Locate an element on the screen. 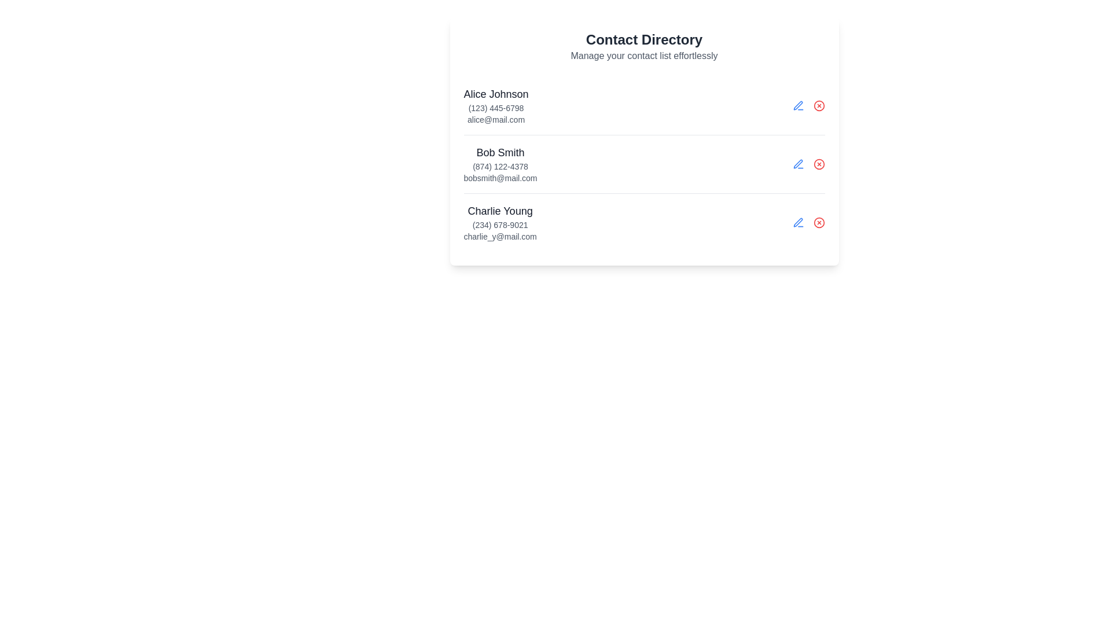 The height and width of the screenshot is (625, 1111). the view details button for contact Charlie Young is located at coordinates (797, 223).